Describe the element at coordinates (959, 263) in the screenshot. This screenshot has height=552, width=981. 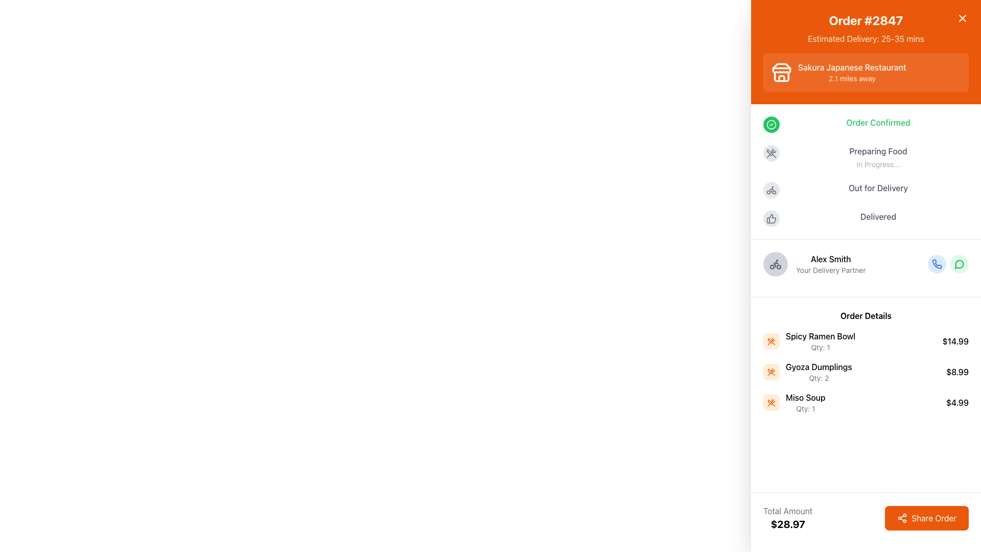
I see `the second circular icon` at that location.